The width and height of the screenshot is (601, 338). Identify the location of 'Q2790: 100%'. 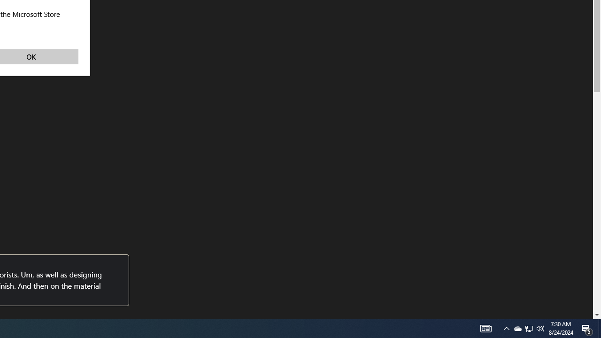
(540, 328).